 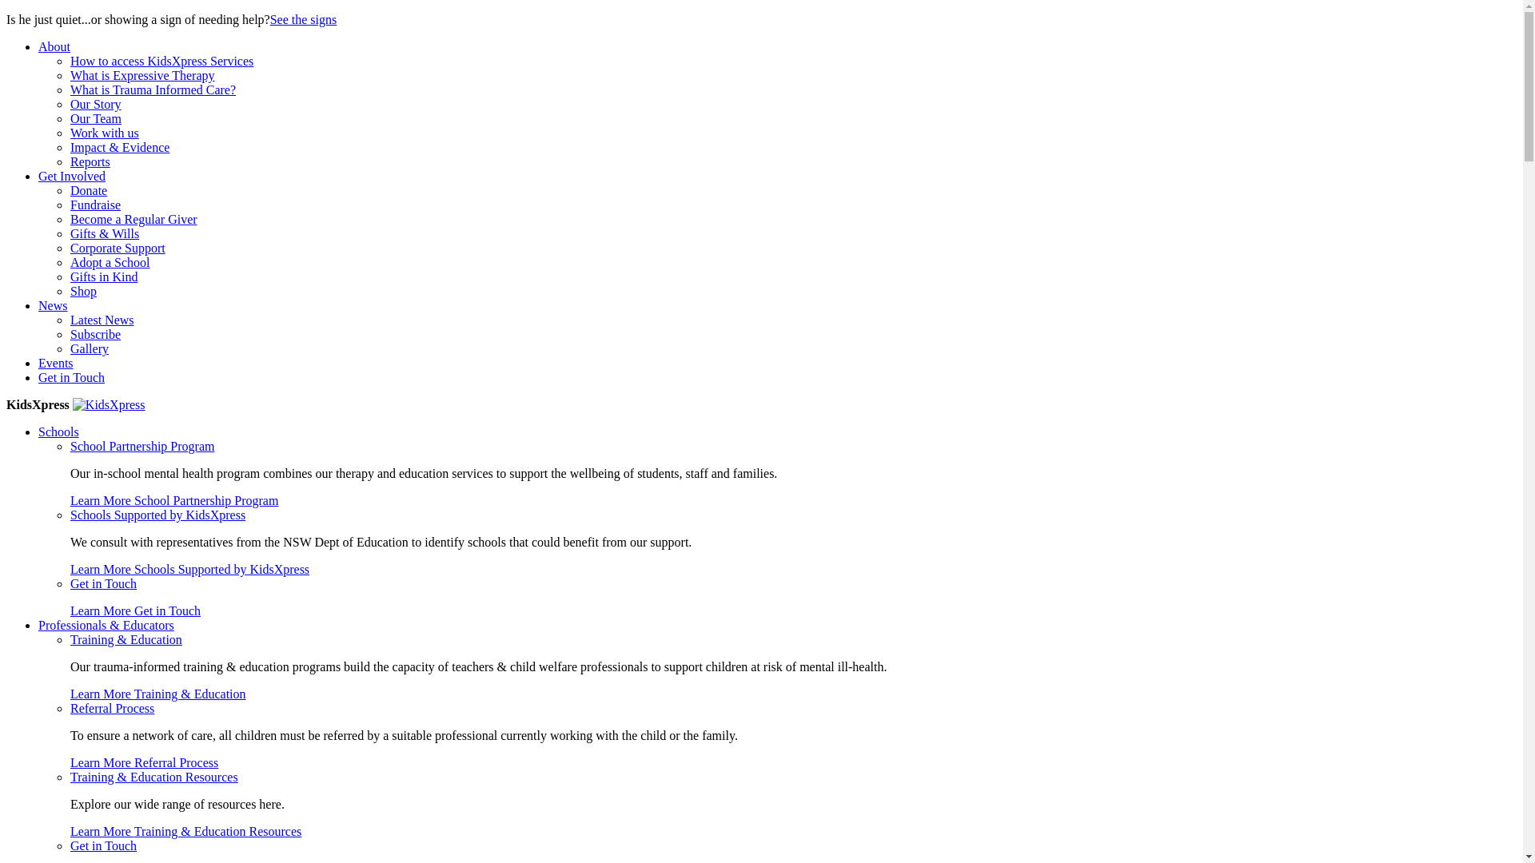 I want to click on 'Fundraise', so click(x=94, y=204).